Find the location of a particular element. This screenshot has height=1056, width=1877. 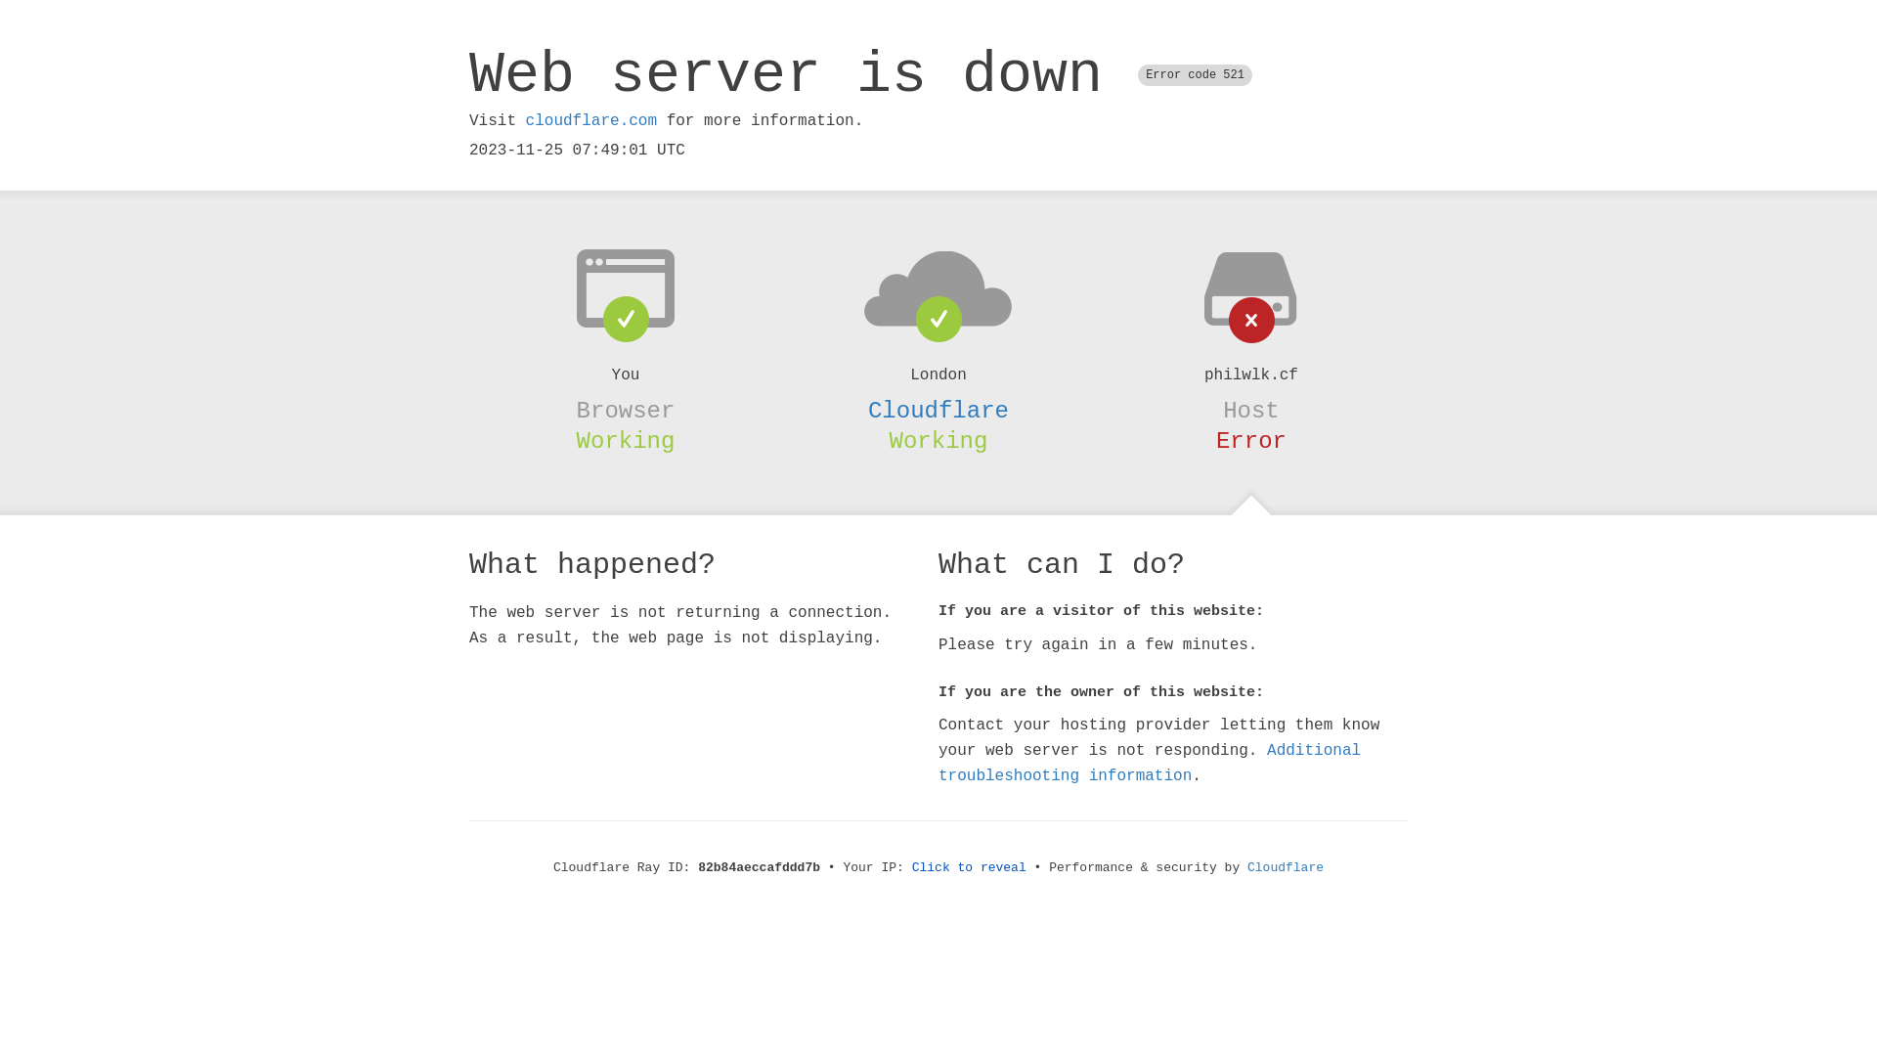

'Click to reveal' is located at coordinates (910, 866).